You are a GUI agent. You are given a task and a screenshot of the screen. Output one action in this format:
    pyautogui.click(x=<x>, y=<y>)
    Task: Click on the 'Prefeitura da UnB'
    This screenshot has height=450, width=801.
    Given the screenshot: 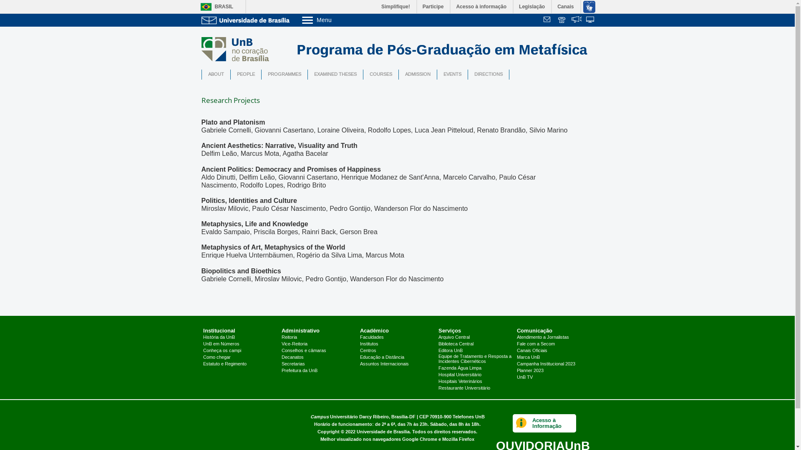 What is the action you would take?
    pyautogui.click(x=300, y=370)
    